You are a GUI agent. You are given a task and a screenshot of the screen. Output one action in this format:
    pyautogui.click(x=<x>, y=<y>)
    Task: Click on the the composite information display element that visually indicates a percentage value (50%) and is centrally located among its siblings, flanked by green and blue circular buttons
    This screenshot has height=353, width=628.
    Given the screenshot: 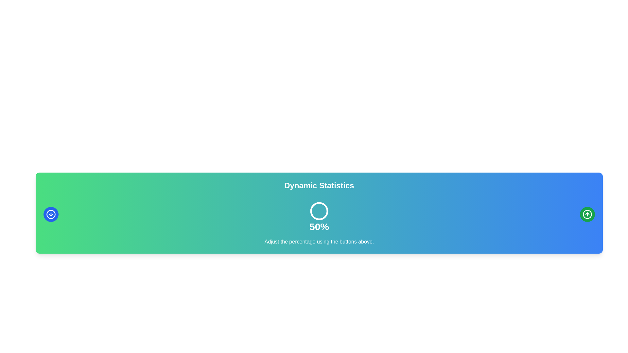 What is the action you would take?
    pyautogui.click(x=319, y=214)
    